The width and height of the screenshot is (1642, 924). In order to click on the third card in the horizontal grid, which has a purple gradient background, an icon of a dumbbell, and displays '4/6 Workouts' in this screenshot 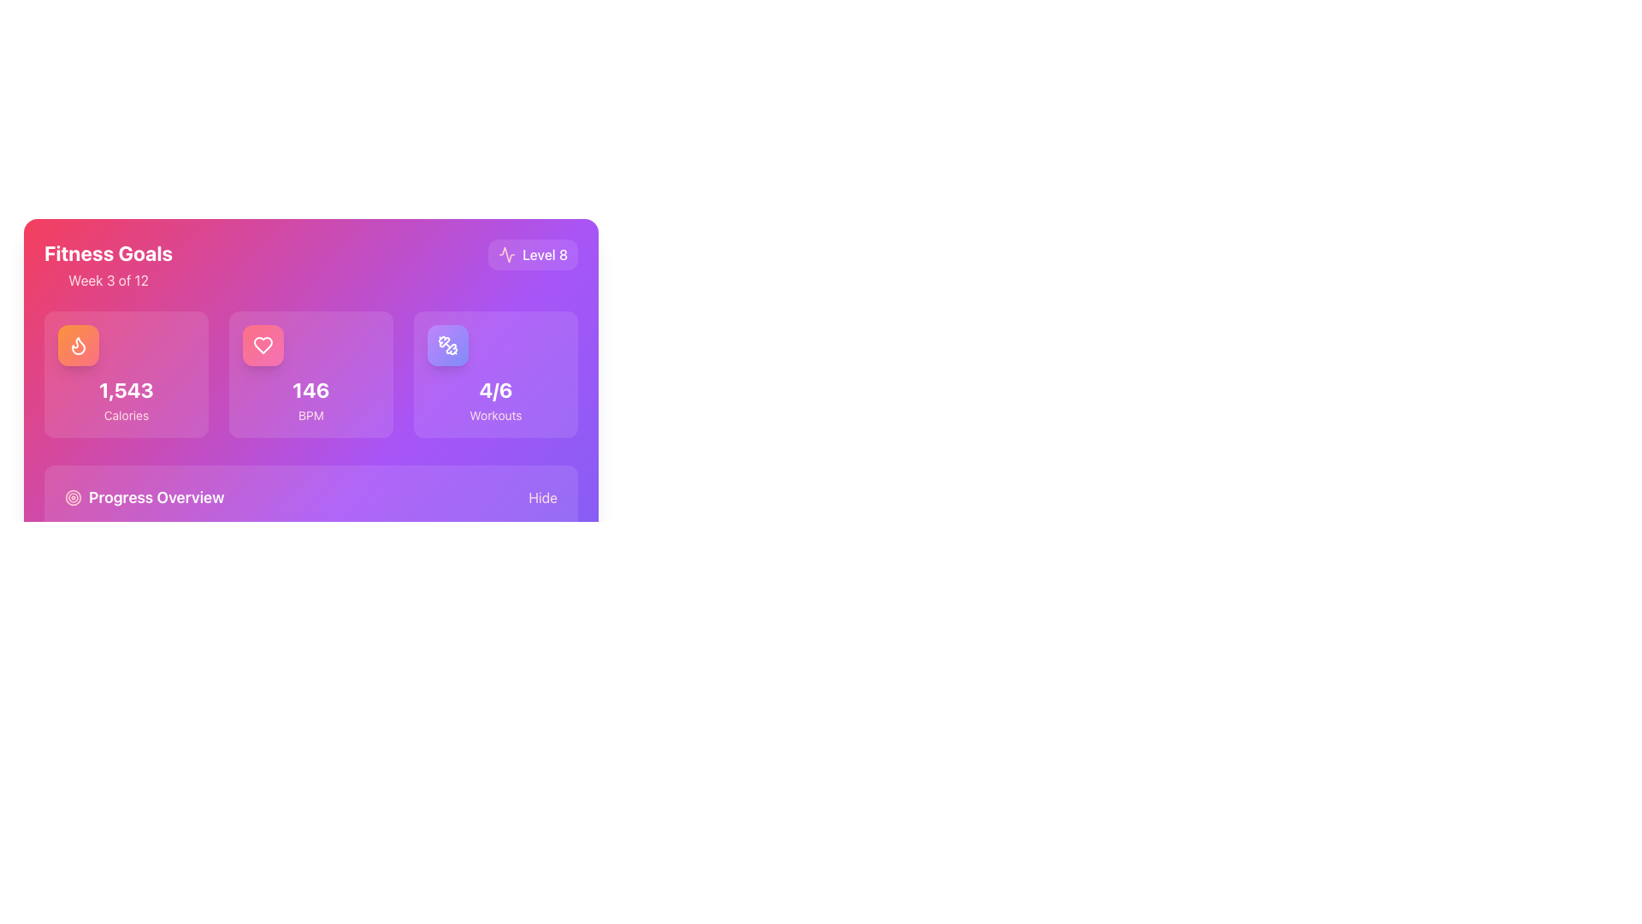, I will do `click(495, 374)`.